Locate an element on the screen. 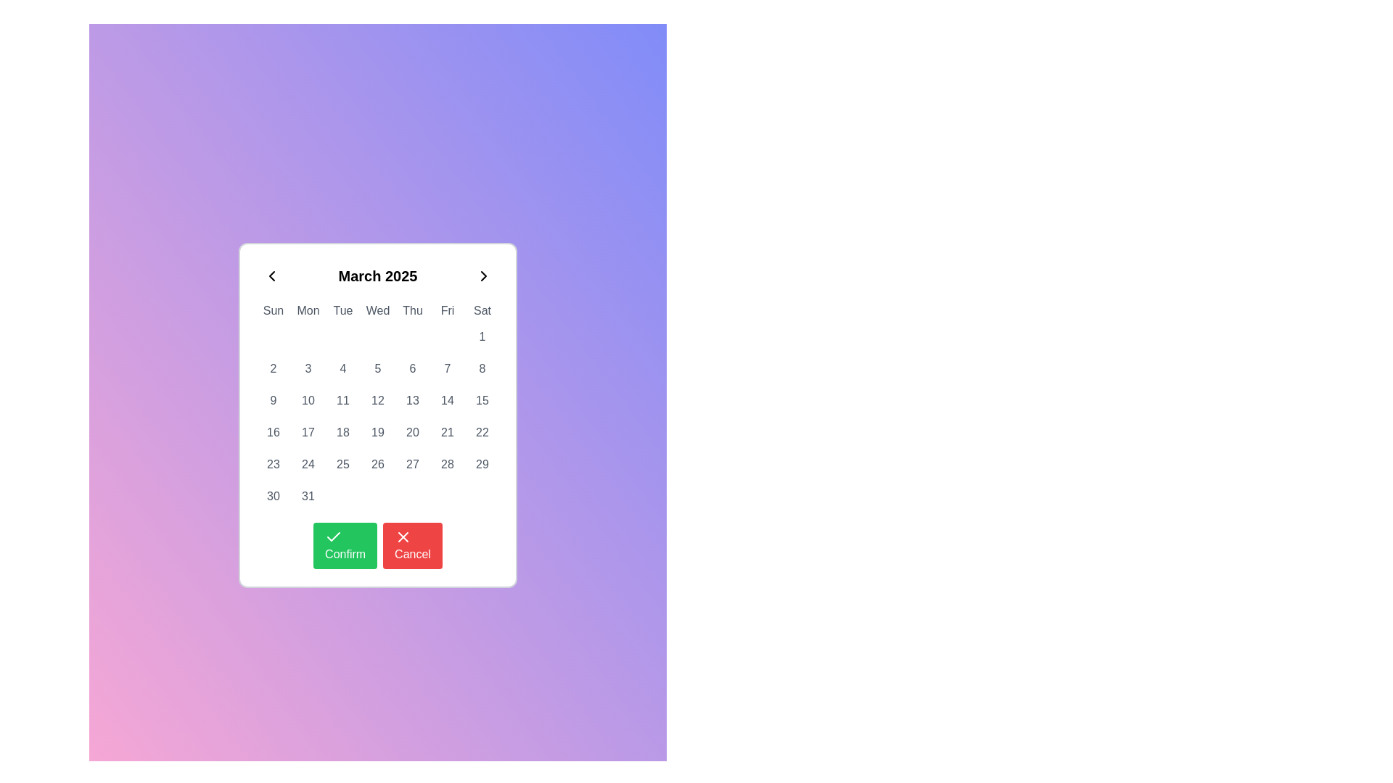 This screenshot has height=783, width=1393. the button labeled '31' in the bottom row of the calendar grid under the 'Sat' heading to activate the background effect is located at coordinates (308, 496).